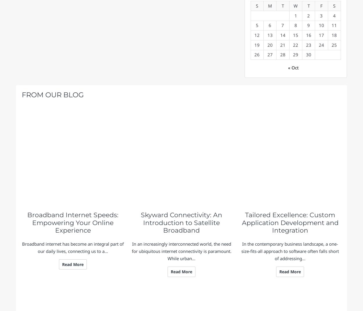 This screenshot has width=363, height=311. Describe the element at coordinates (257, 54) in the screenshot. I see `'26'` at that location.